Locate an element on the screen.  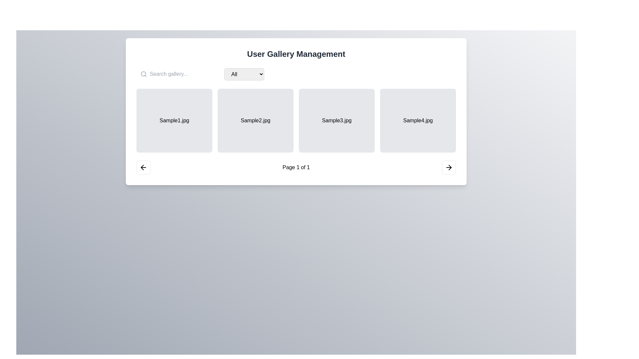
the right navigation arrow icon located at the bottom-right corner of the interface is located at coordinates (449, 167).